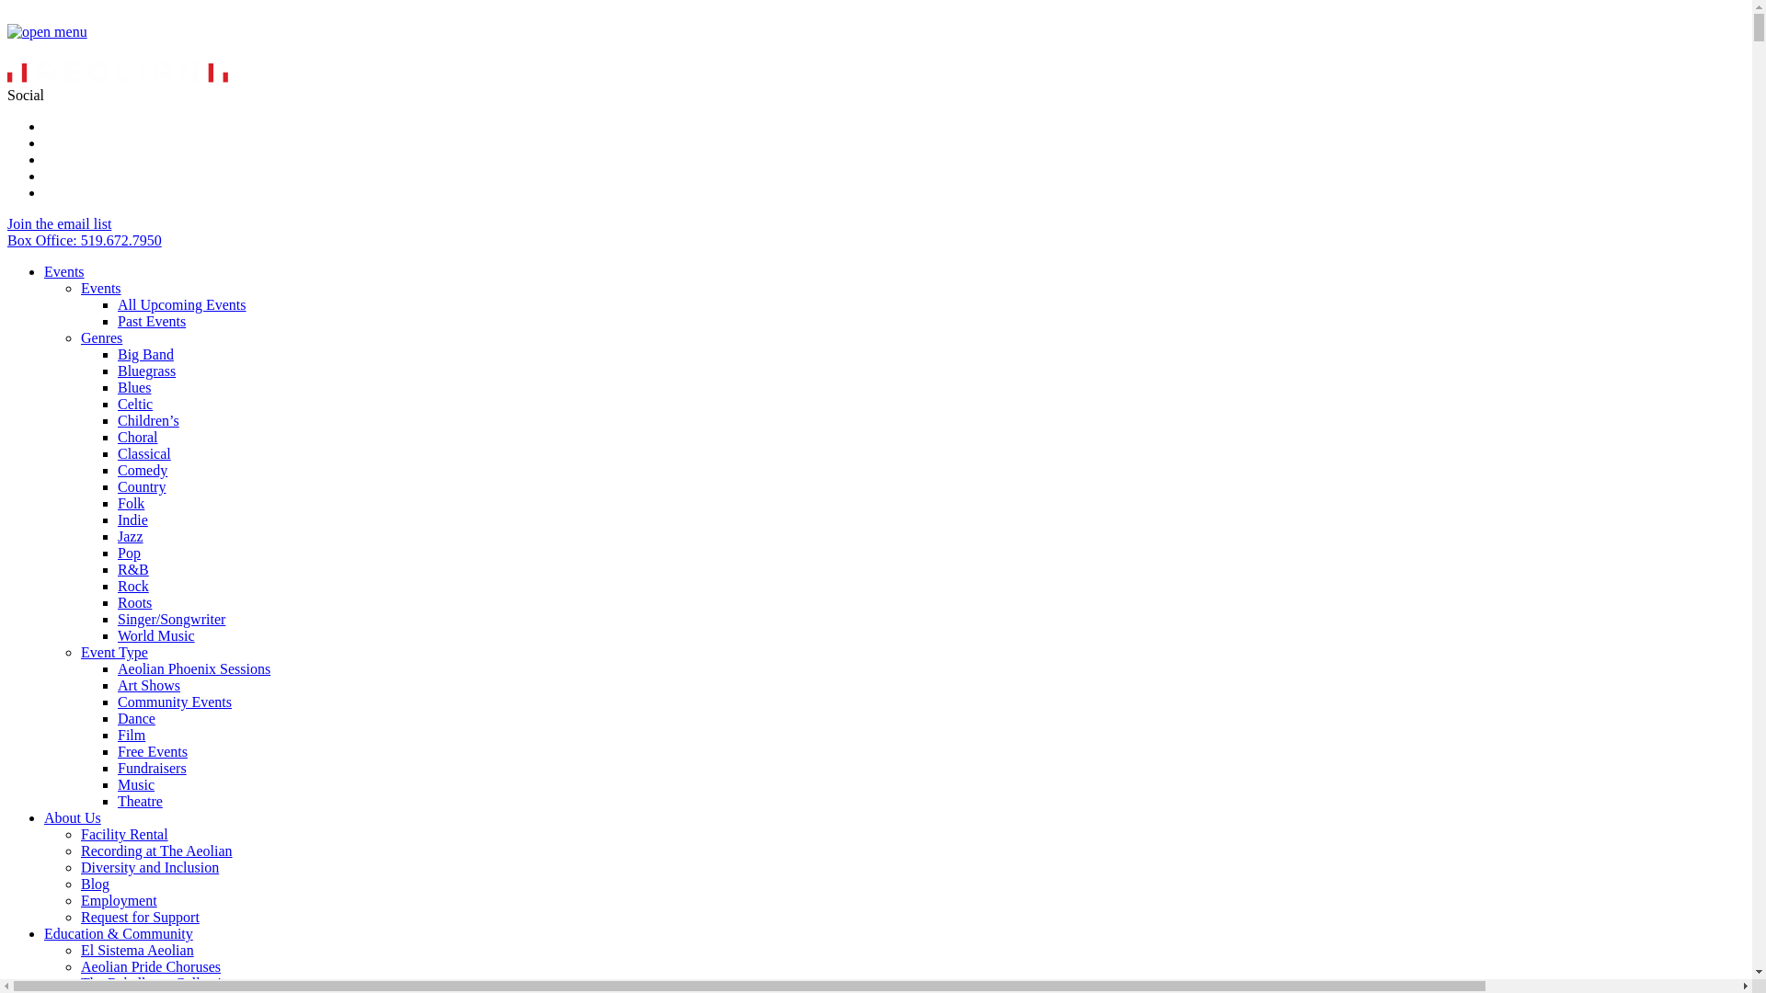 This screenshot has height=993, width=1766. Describe the element at coordinates (150, 965) in the screenshot. I see `'Aeolian Pride Choruses'` at that location.